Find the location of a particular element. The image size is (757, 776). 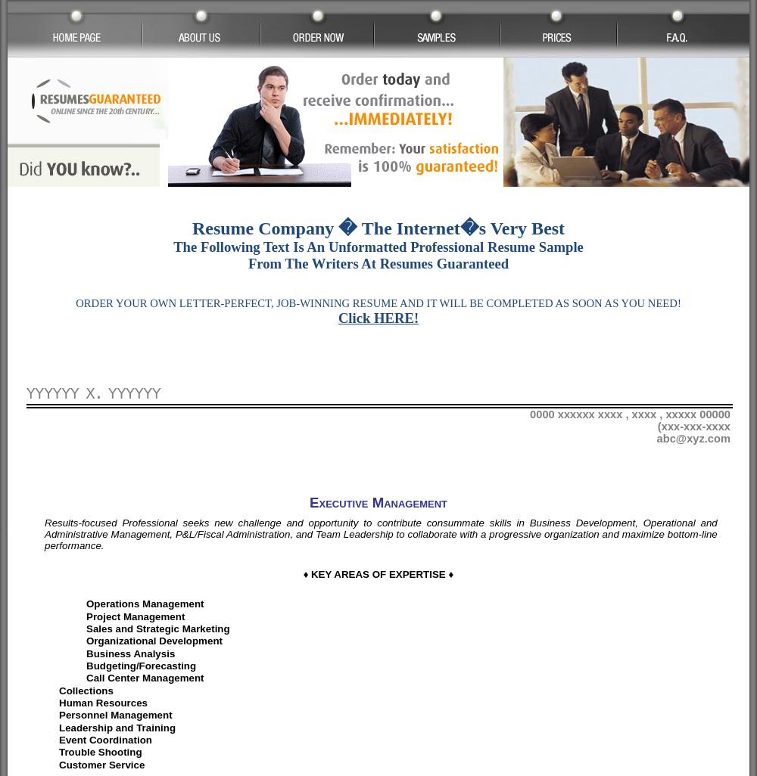

'Customer
Service' is located at coordinates (58, 763).